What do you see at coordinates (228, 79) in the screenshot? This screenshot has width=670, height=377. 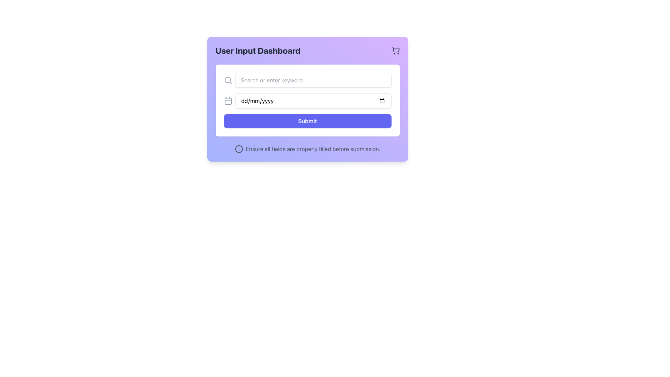 I see `the circular icon within the magnifying glass SVG graphic, which is part of the User Input Dashboard interface` at bounding box center [228, 79].